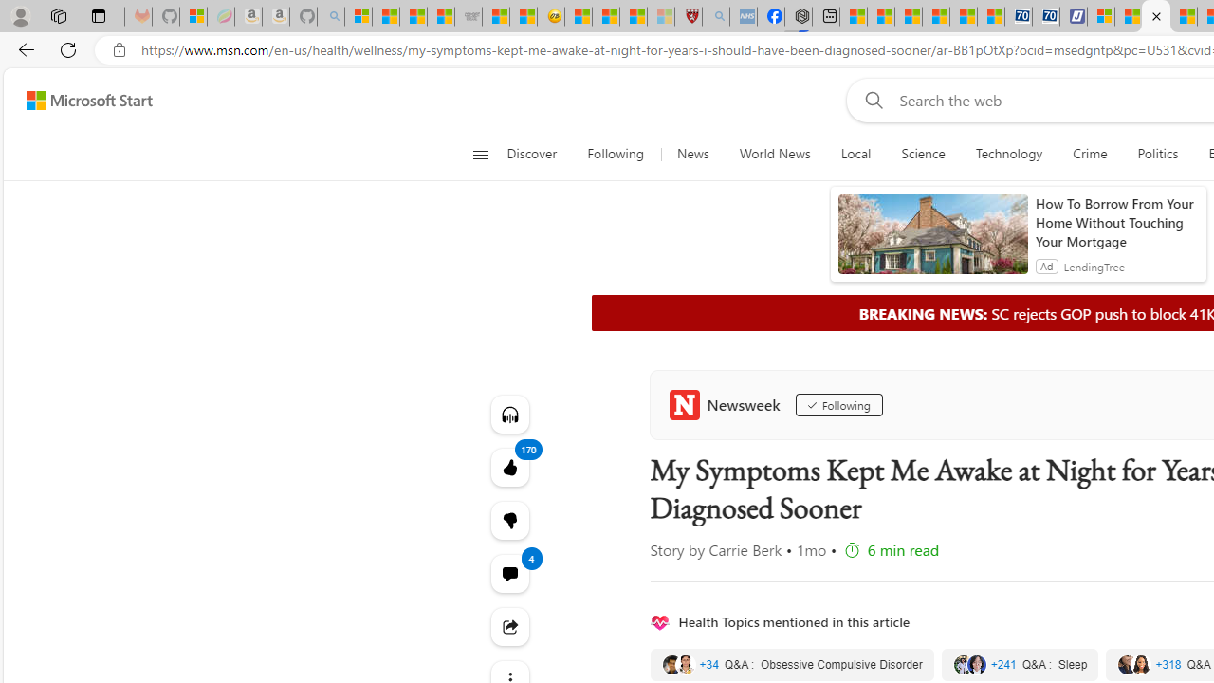  What do you see at coordinates (509, 521) in the screenshot?
I see `'Dislike'` at bounding box center [509, 521].